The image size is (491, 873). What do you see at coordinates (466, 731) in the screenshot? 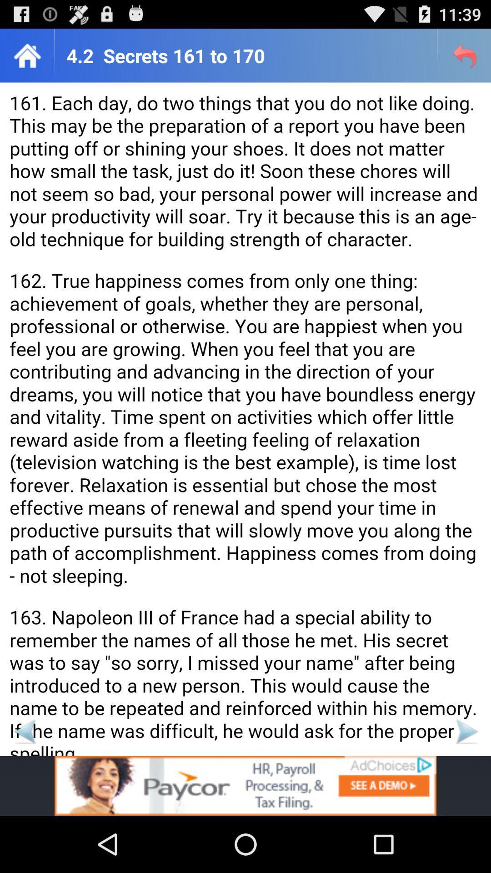
I see `the next` at bounding box center [466, 731].